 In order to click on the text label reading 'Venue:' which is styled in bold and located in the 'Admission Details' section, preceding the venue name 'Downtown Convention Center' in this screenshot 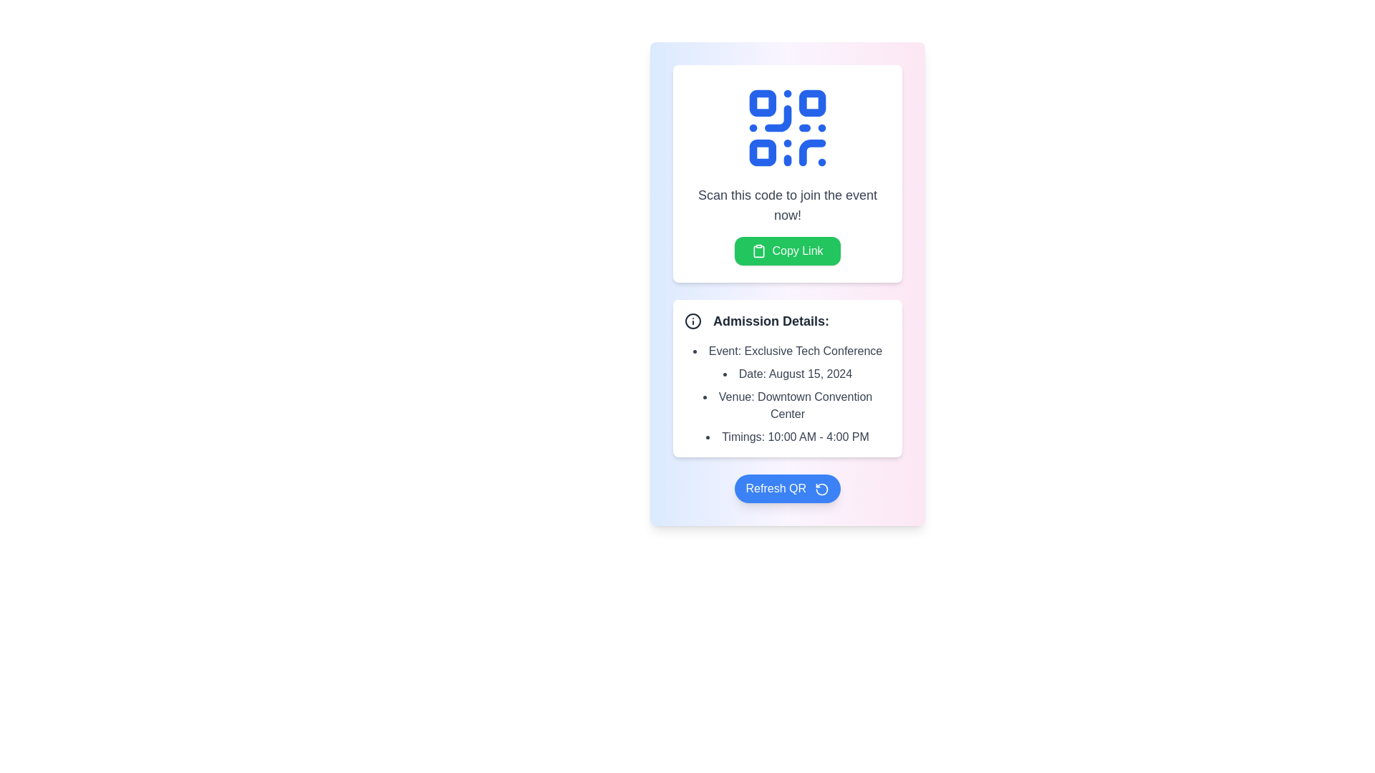, I will do `click(736, 397)`.